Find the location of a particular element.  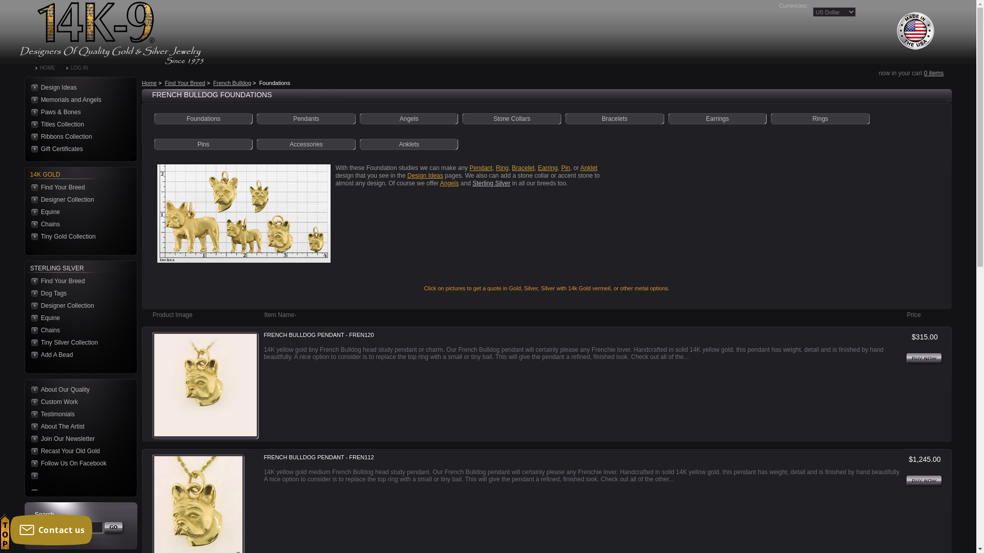

' Buy Now ' is located at coordinates (925, 481).